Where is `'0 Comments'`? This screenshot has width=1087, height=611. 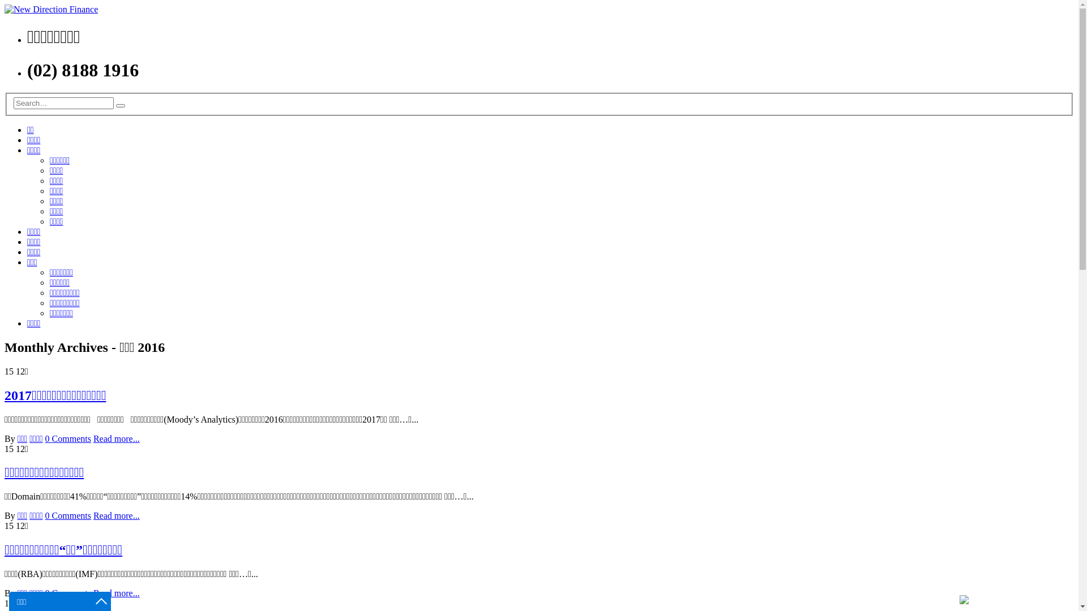 '0 Comments' is located at coordinates (67, 515).